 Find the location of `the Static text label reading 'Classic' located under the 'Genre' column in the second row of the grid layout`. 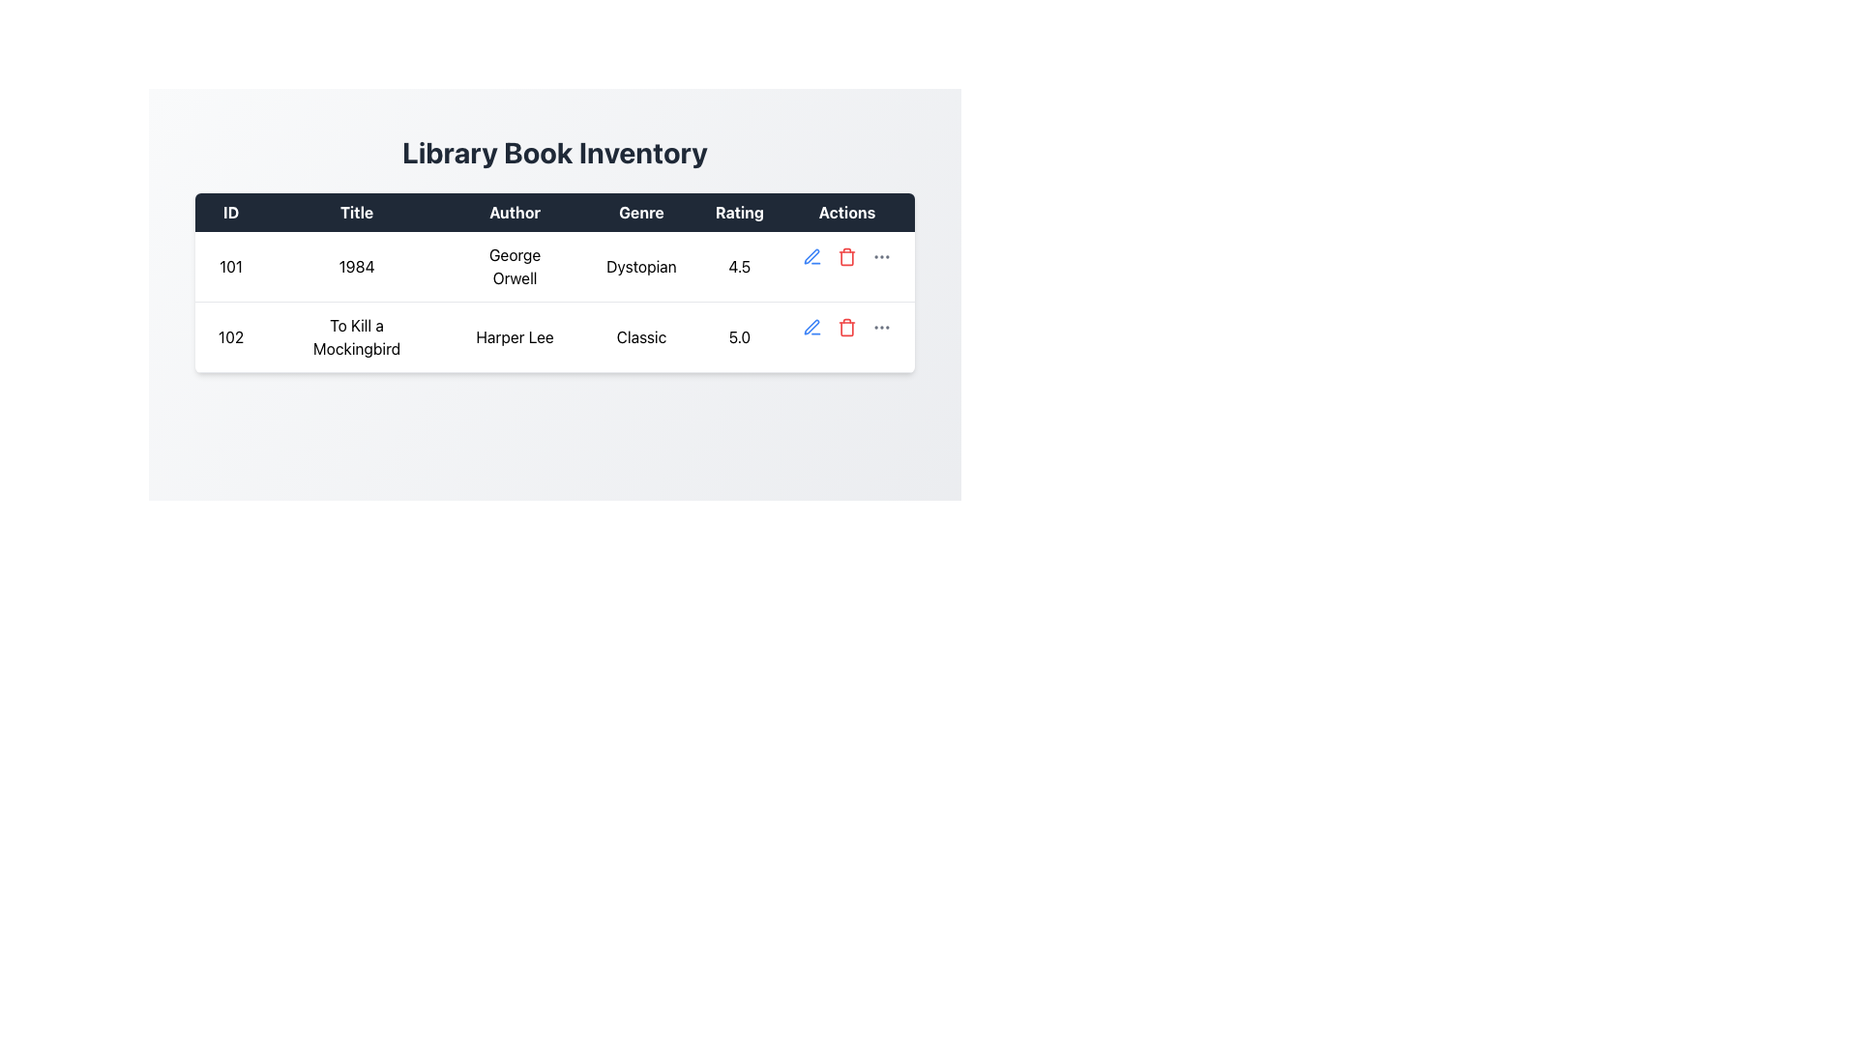

the Static text label reading 'Classic' located under the 'Genre' column in the second row of the grid layout is located at coordinates (641, 335).